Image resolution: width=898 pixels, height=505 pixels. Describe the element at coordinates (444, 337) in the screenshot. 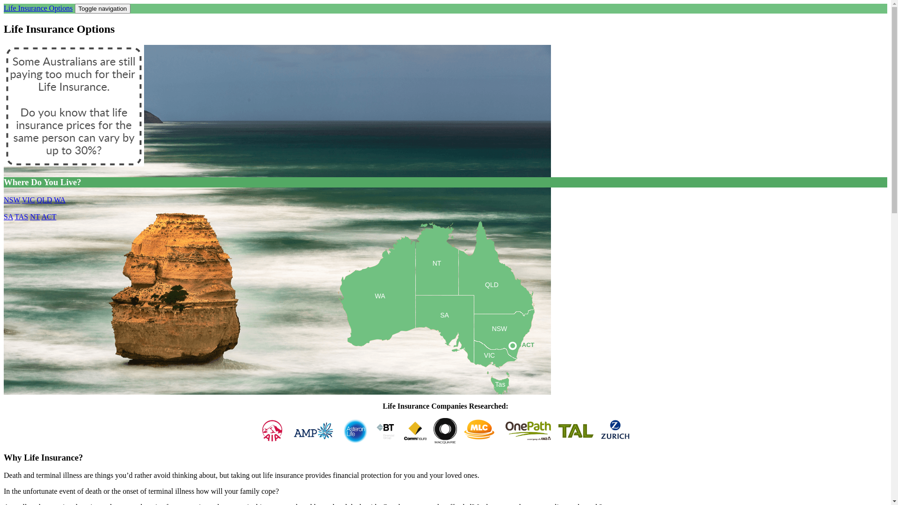

I see `'SA'` at that location.